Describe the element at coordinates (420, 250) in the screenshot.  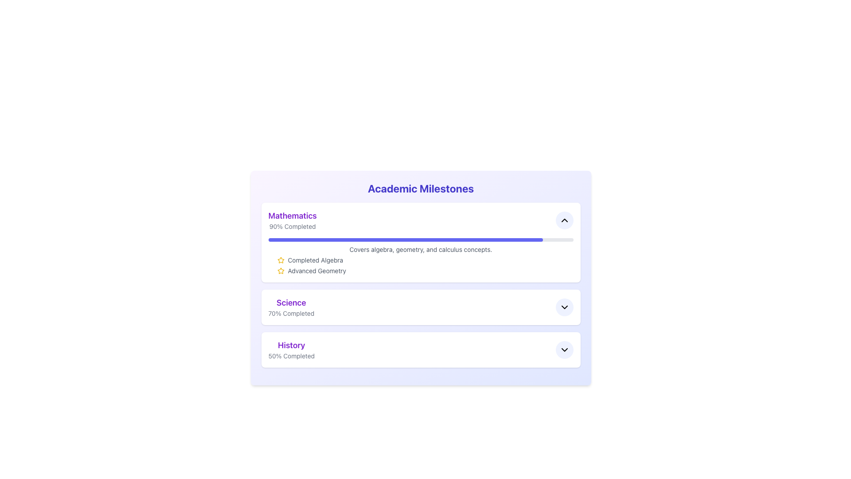
I see `the informational text element located within the 'Mathematics' card, situated below the progress bar and above the list of completed topics` at that location.